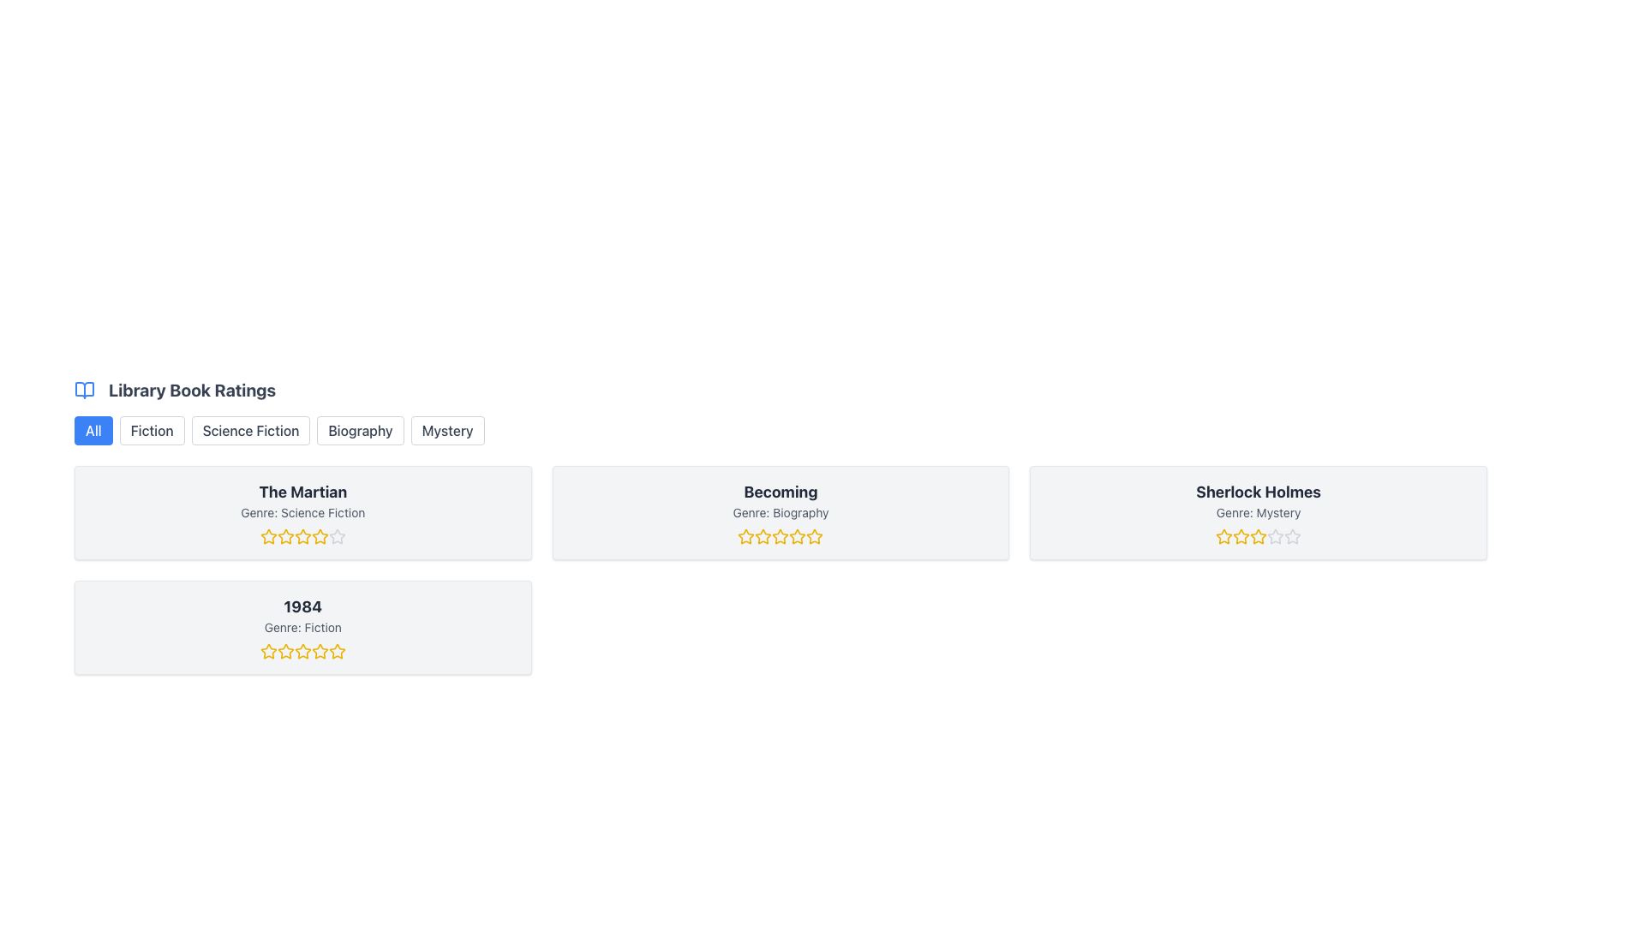 The image size is (1645, 925). I want to click on the fifth star icon in the rating system for the book 'Sherlock Holmes', so click(1276, 536).